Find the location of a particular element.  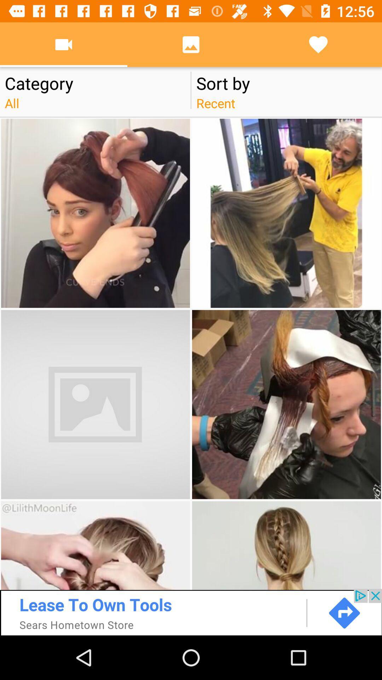

advertisement panel is located at coordinates (191, 612).